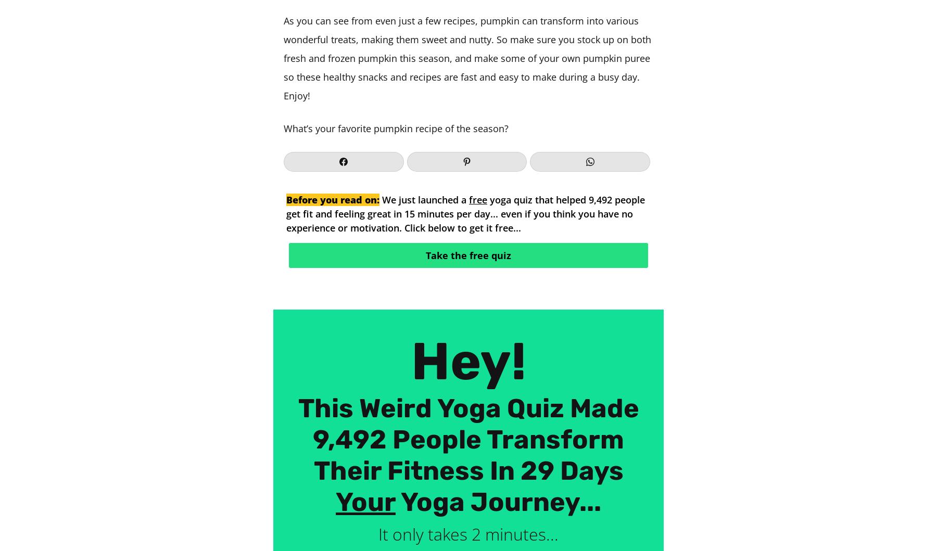  Describe the element at coordinates (468, 533) in the screenshot. I see `'It only takes 2 minutes...'` at that location.